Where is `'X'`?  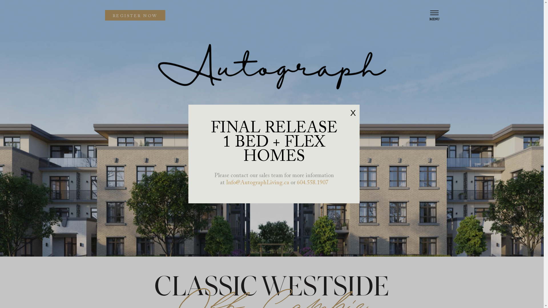
'X' is located at coordinates (353, 113).